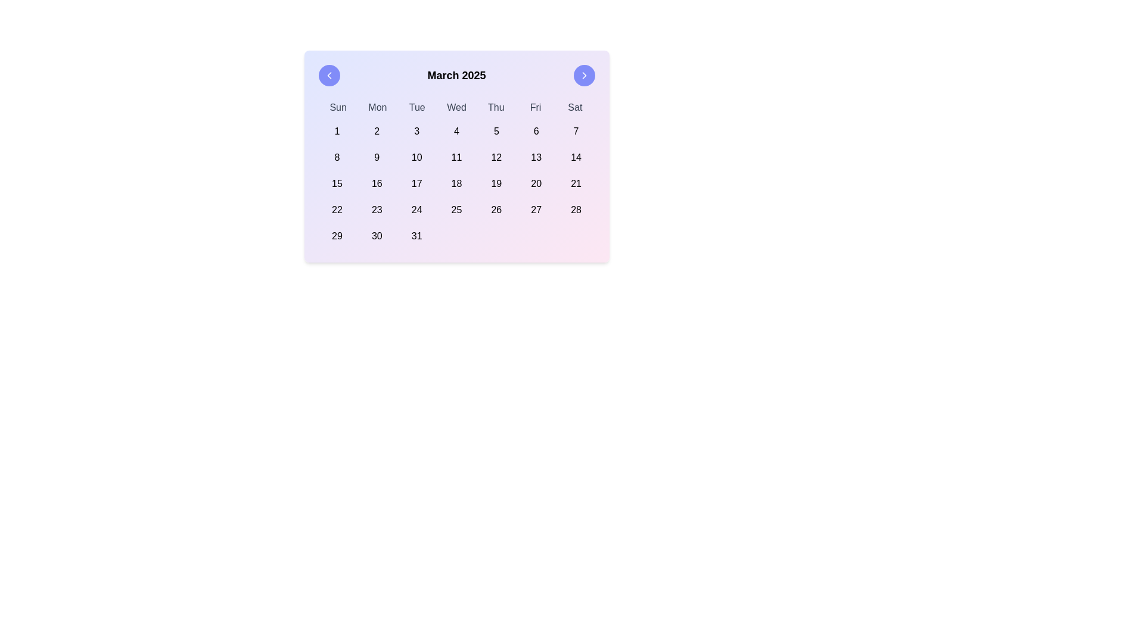 Image resolution: width=1144 pixels, height=643 pixels. I want to click on the text label representing the abbreviation for Tuesday in the week header of the calendar interface, which is the third label among seven in a row, so click(417, 108).